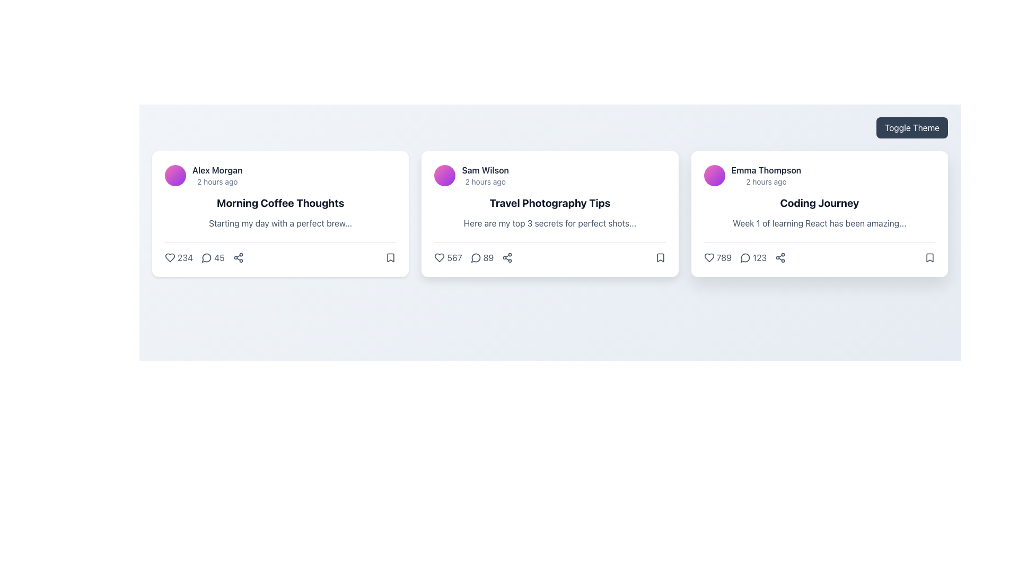  I want to click on the heart icon located at the bottom-left of the rightmost card for the post by 'Emma Thompson', so click(709, 258).